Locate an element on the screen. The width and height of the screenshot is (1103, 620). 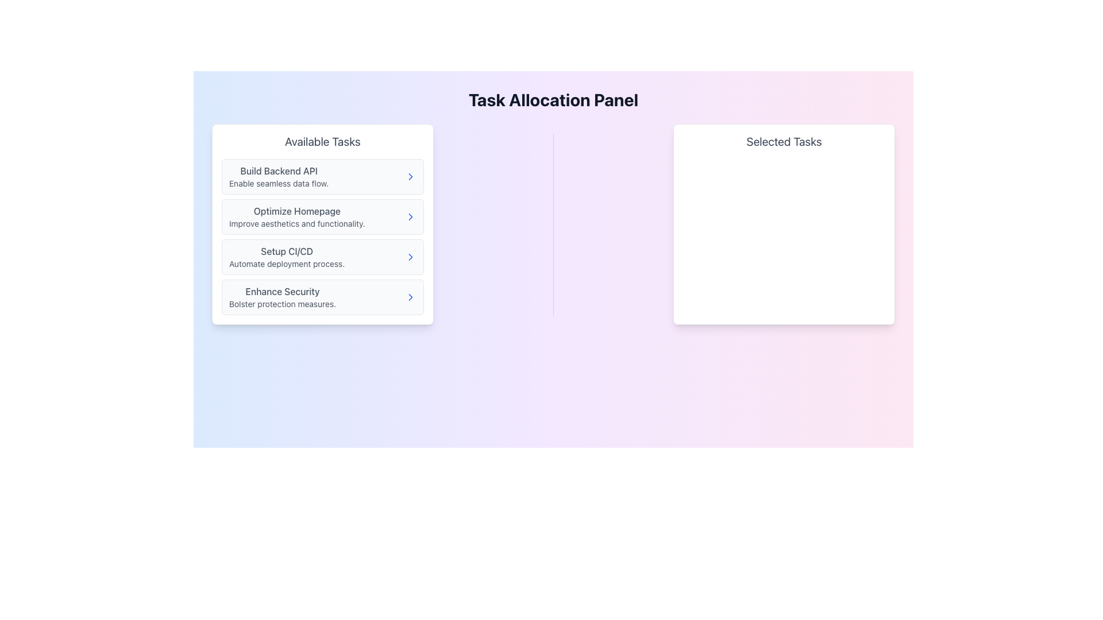
the text label reading 'Enable seamless data flow.' located under the bold header 'Build Backend API' in the 'Available Tasks' section is located at coordinates (279, 183).